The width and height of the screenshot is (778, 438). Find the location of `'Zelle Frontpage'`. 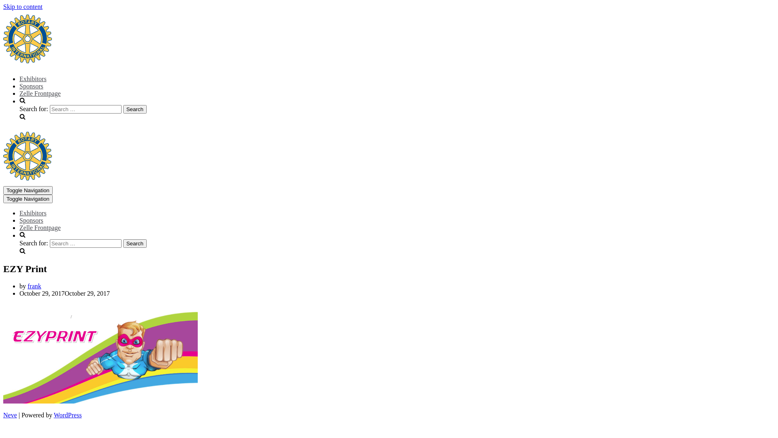

'Zelle Frontpage' is located at coordinates (40, 228).